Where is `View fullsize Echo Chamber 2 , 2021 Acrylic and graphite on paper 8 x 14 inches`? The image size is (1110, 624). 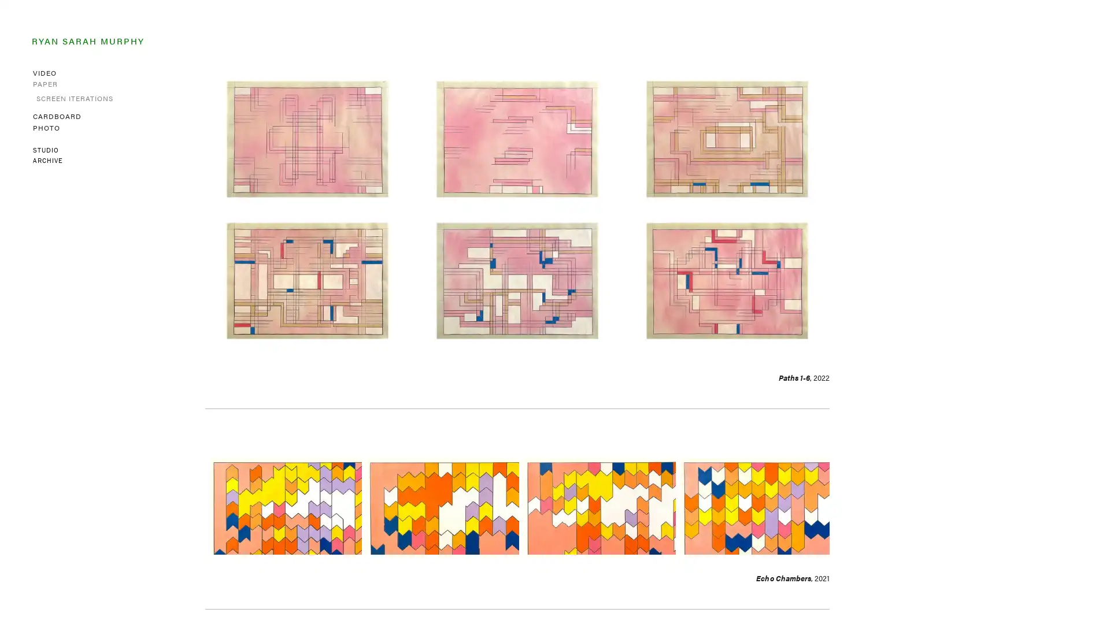 View fullsize Echo Chamber 2 , 2021 Acrylic and graphite on paper 8 x 14 inches is located at coordinates (438, 493).